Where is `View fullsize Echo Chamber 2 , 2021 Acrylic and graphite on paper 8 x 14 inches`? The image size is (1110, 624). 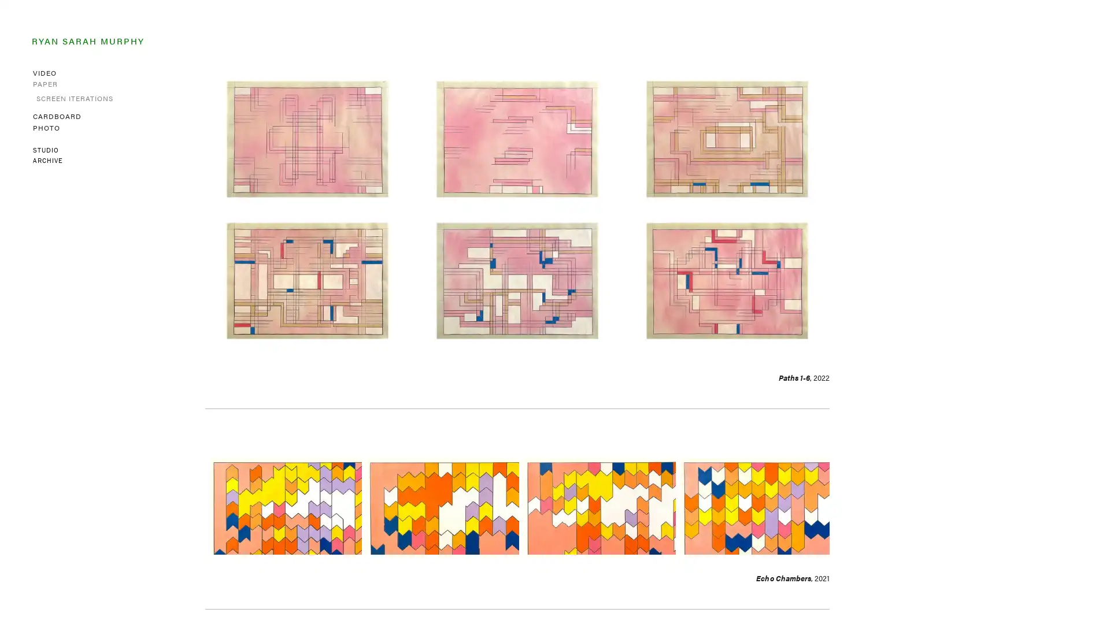 View fullsize Echo Chamber 2 , 2021 Acrylic and graphite on paper 8 x 14 inches is located at coordinates (438, 493).